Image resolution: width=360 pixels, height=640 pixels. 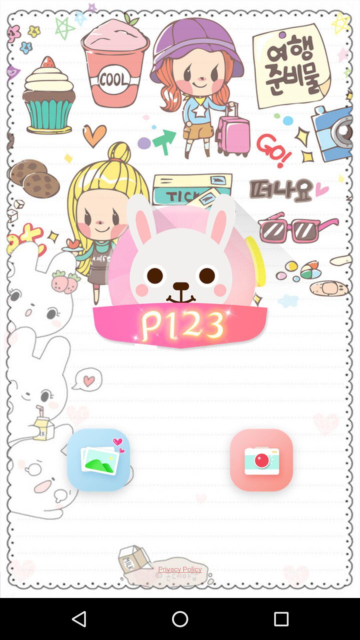 I want to click on open camera, so click(x=261, y=463).